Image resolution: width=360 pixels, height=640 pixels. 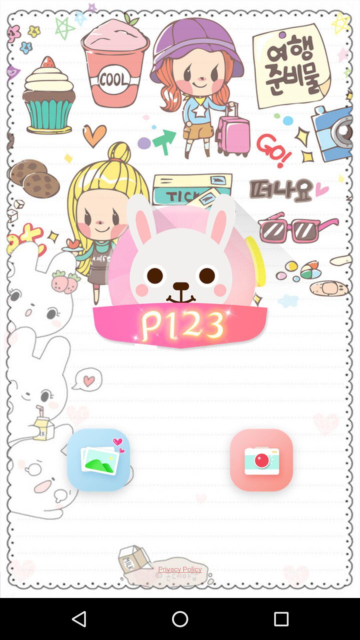 I want to click on open camera, so click(x=261, y=463).